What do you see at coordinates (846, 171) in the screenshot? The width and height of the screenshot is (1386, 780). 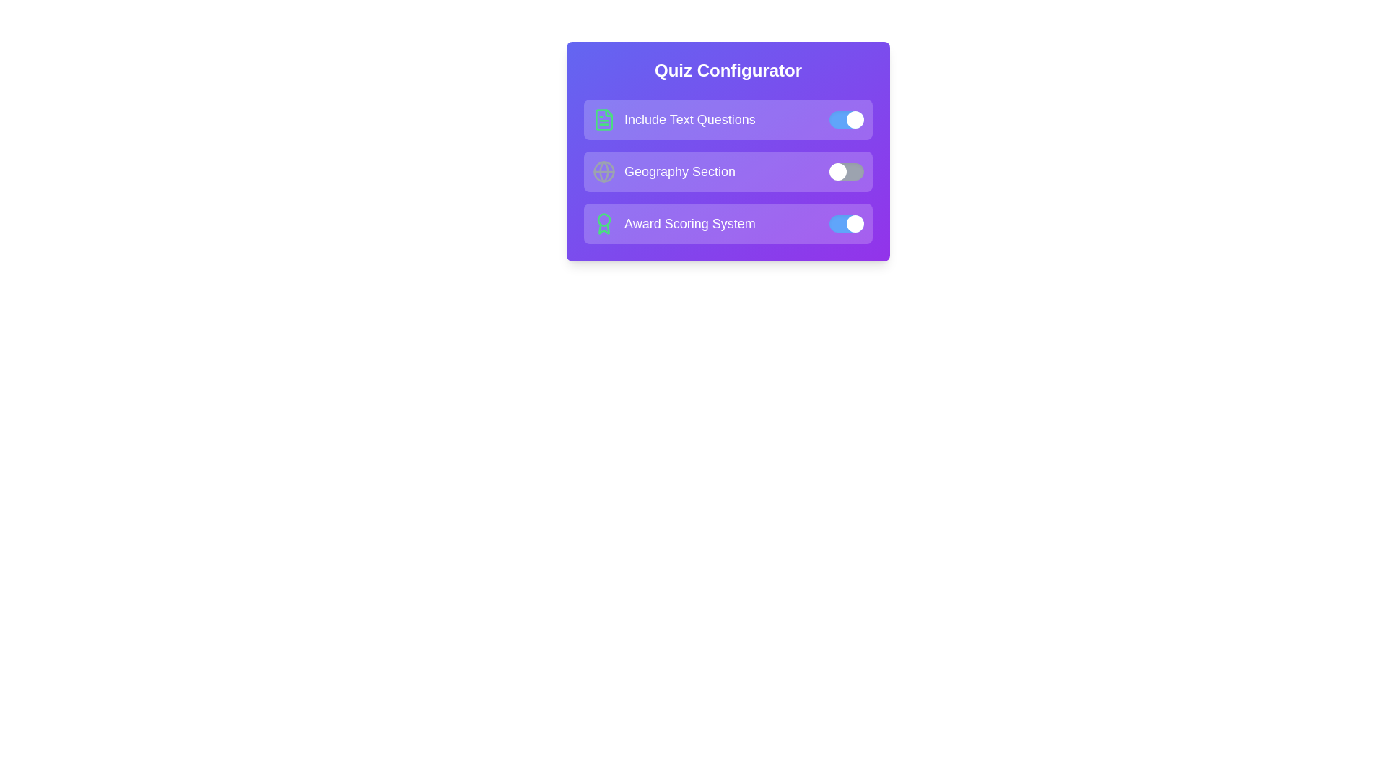 I see `the toggle switch for the 'Geography Section' option` at bounding box center [846, 171].